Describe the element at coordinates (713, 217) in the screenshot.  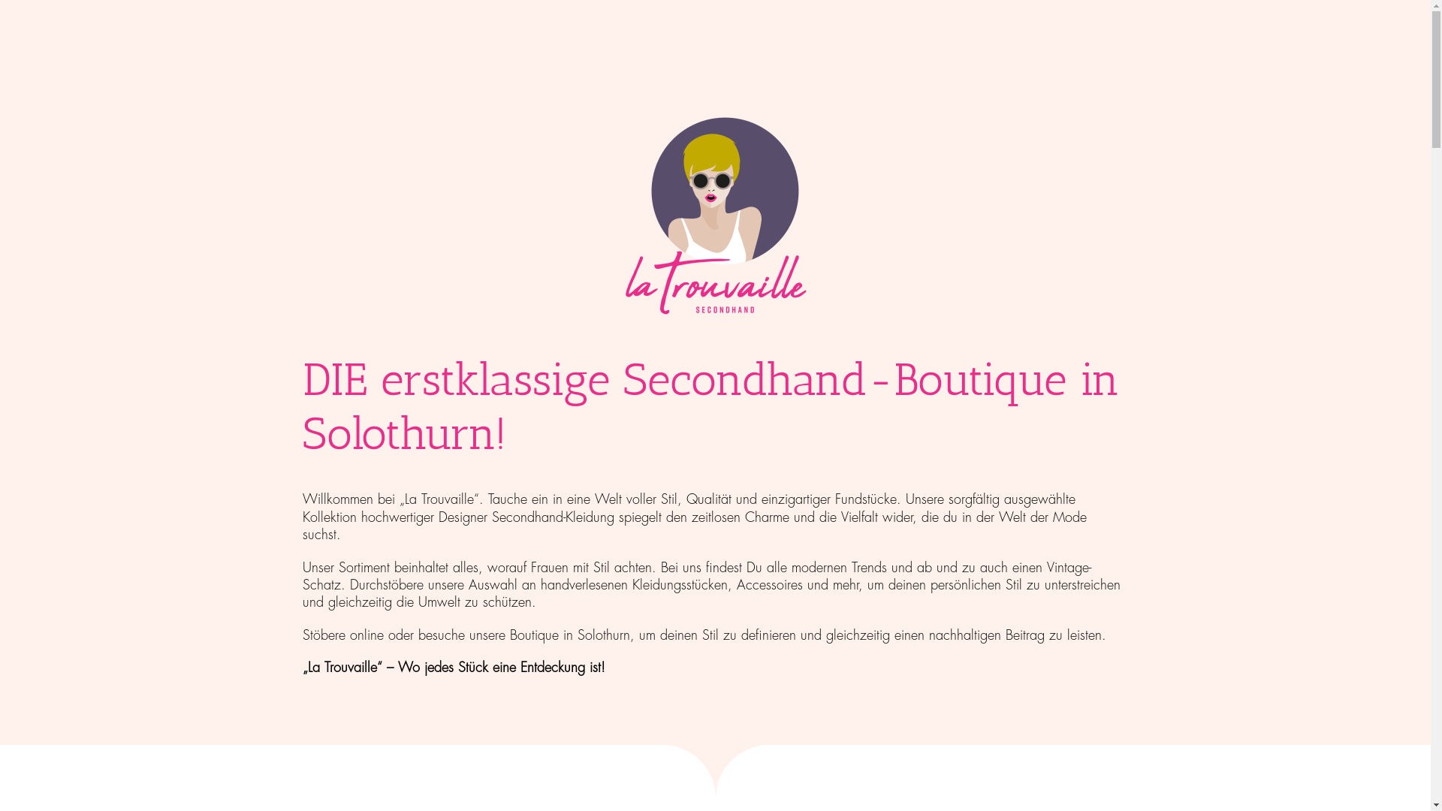
I see `'LaTrouvaille_2ndhand'` at that location.